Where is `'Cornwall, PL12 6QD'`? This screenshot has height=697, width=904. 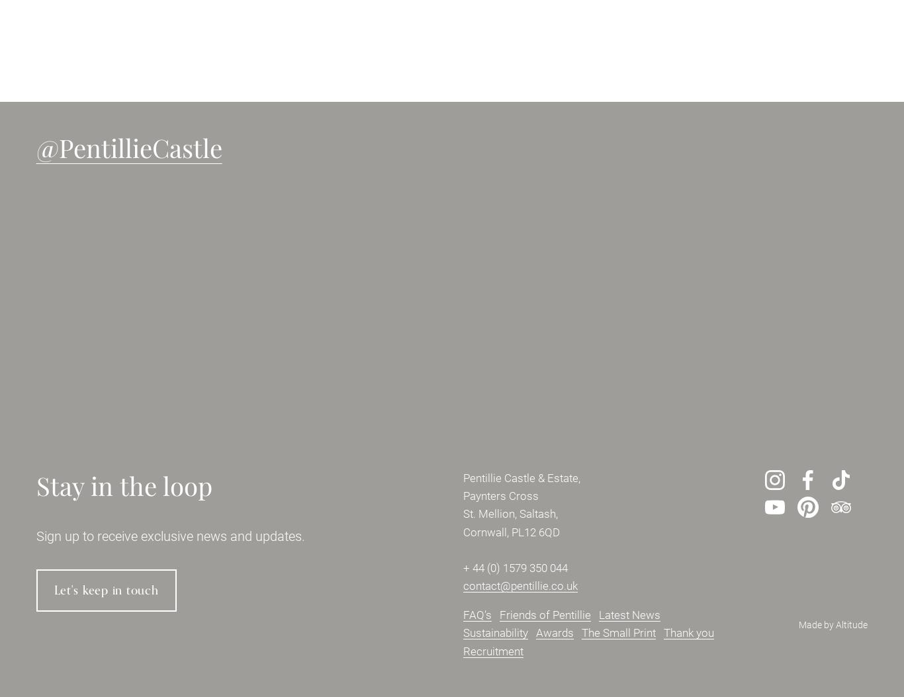
'Cornwall, PL12 6QD' is located at coordinates (512, 530).